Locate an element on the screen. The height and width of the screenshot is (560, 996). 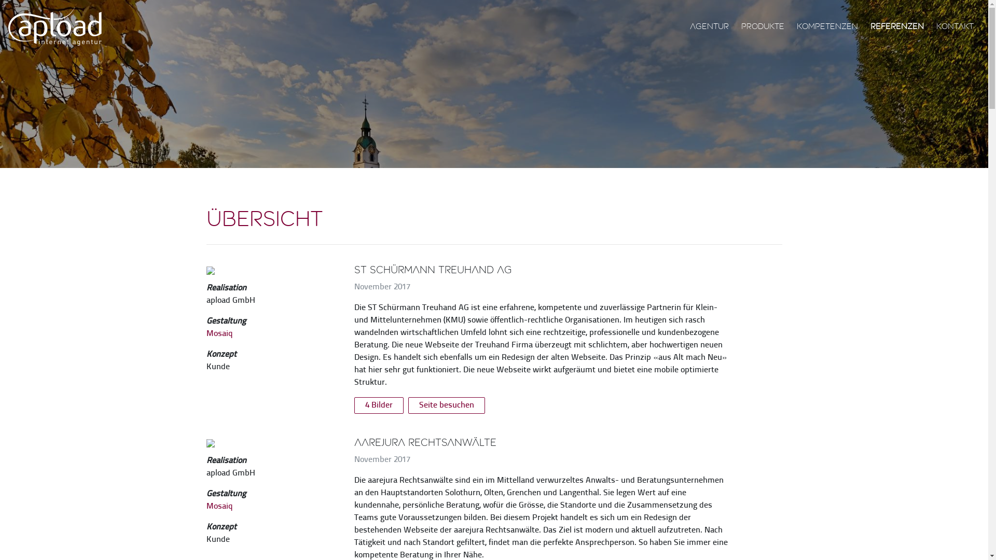
'Kompetenzen' is located at coordinates (826, 26).